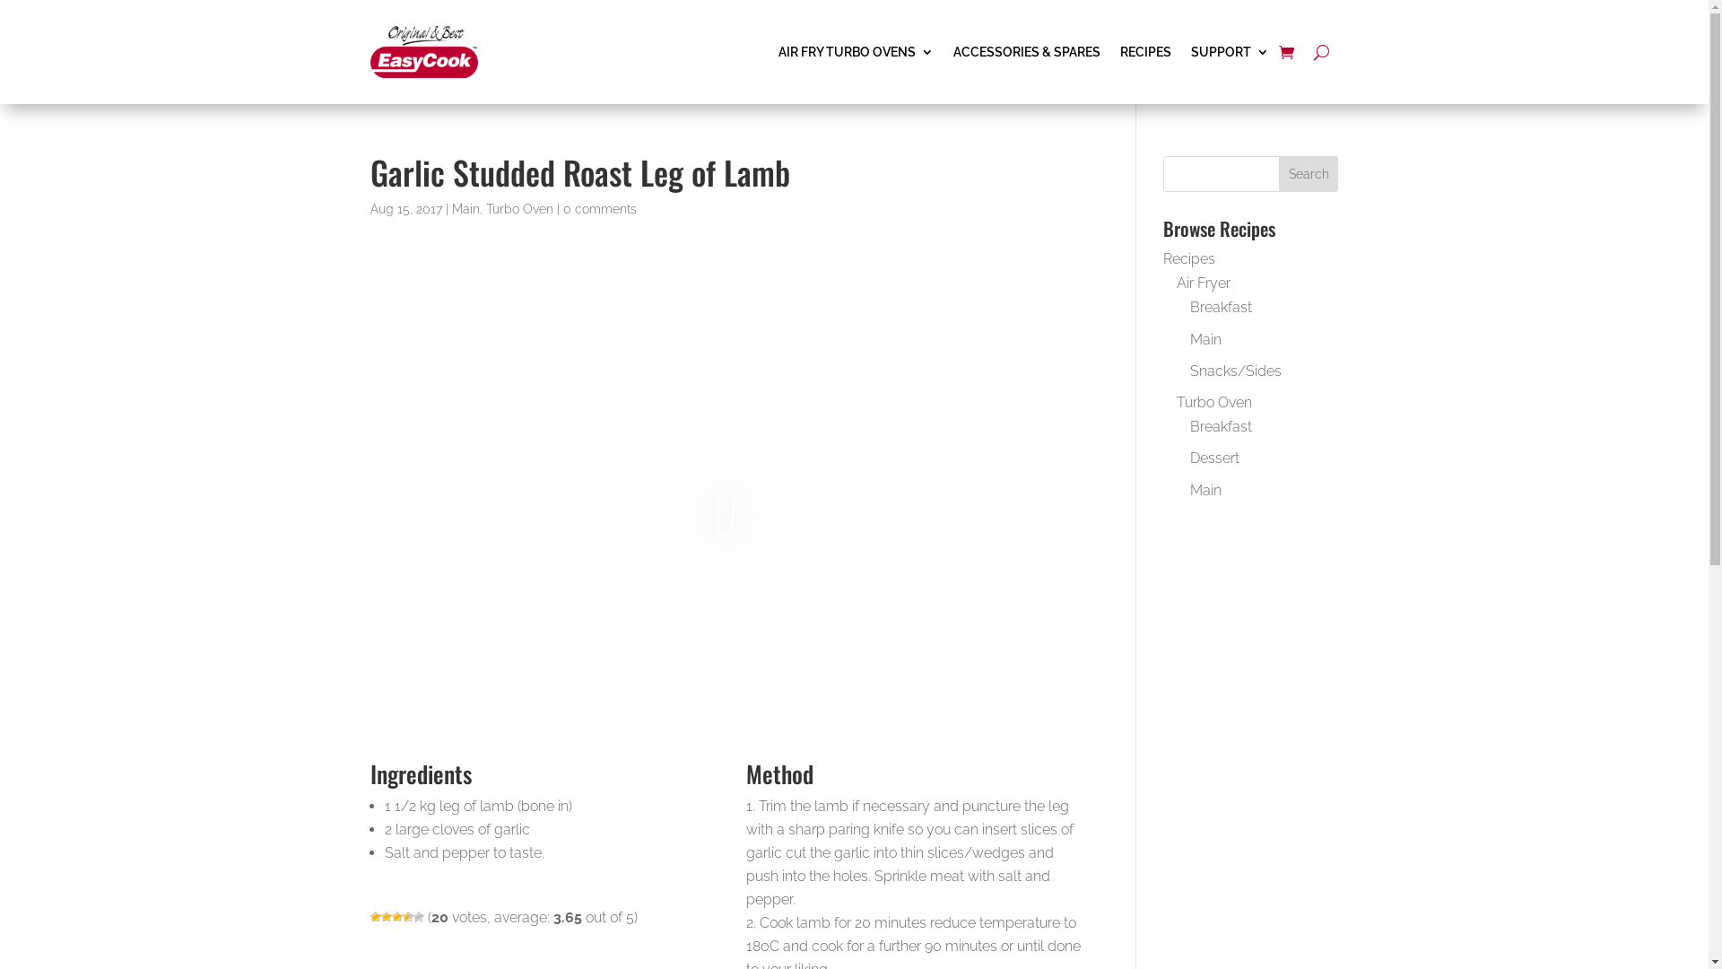 The image size is (1722, 969). I want to click on 'Dessert', so click(1214, 457).